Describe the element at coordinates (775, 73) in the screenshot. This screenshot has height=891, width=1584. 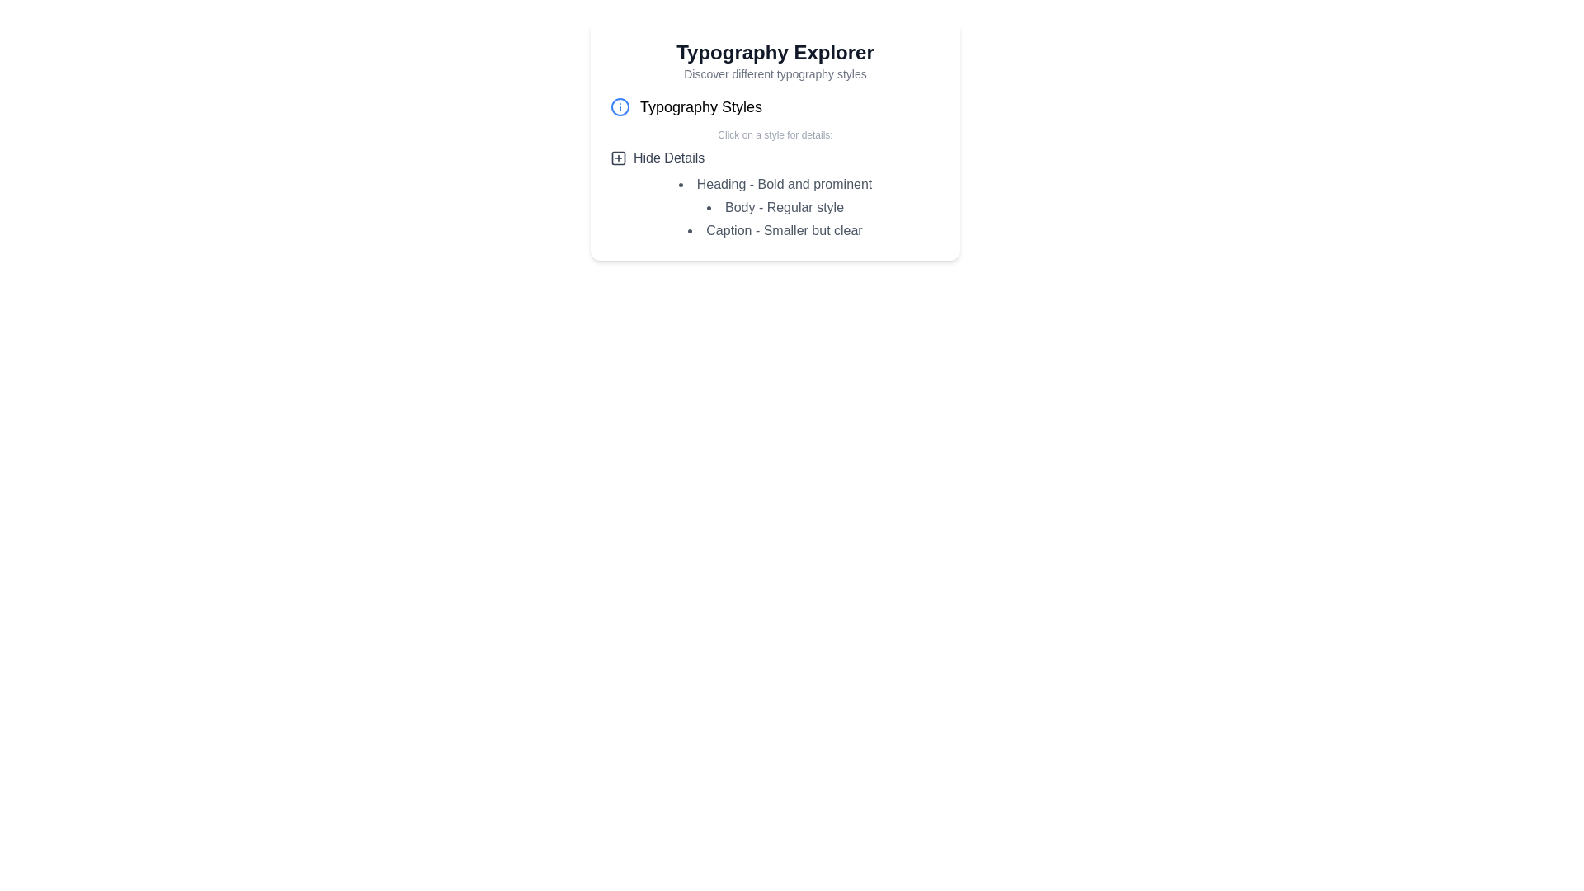
I see `the textual label reading 'Discover different typography styles', which is styled with a small font size and muted gray color, located directly beneath the title 'Typography Explorer'` at that location.